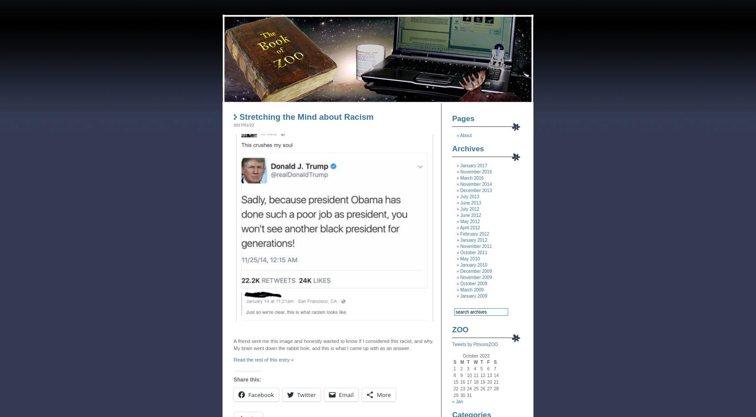  Describe the element at coordinates (263, 360) in the screenshot. I see `'Read the rest of this entry »'` at that location.